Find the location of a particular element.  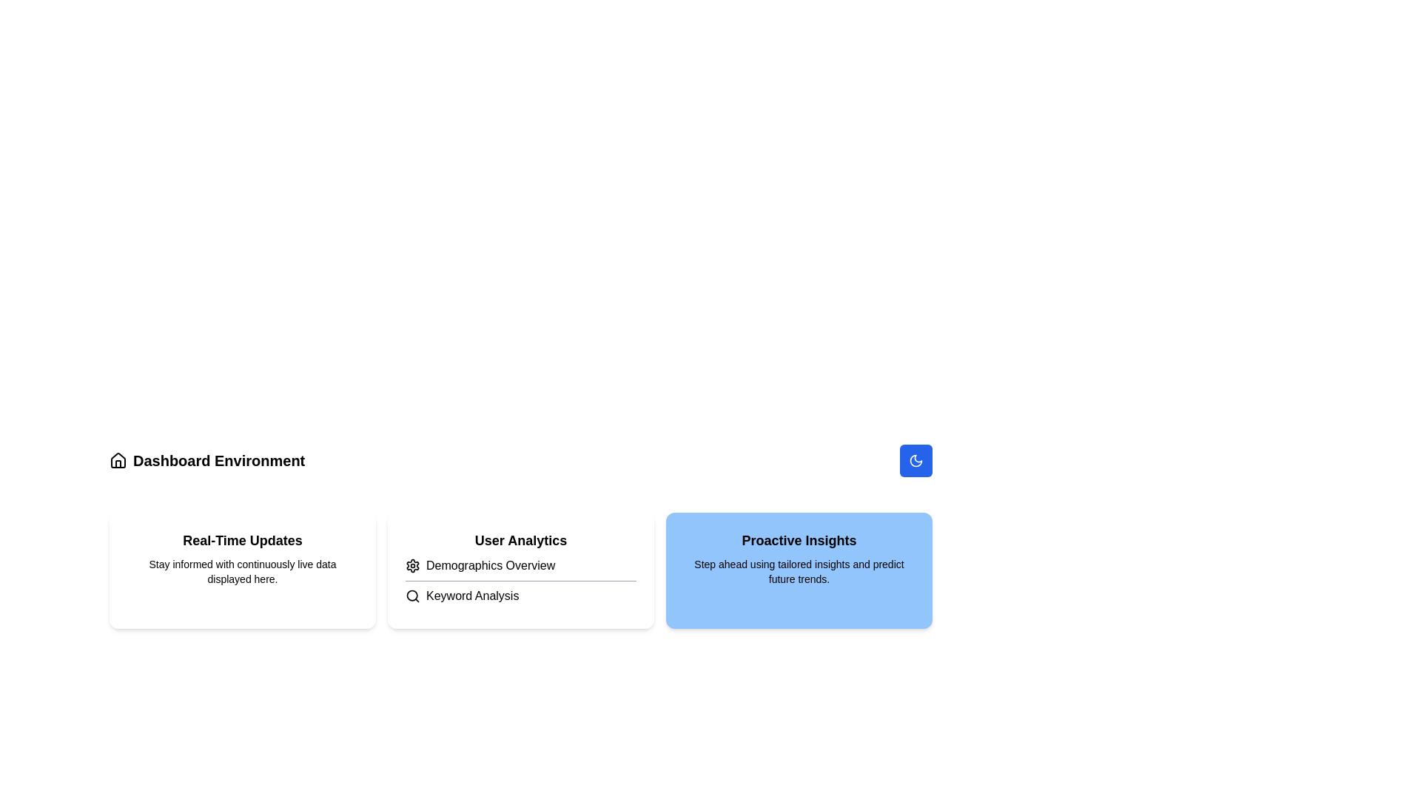

the label indicating keyword analysis located within the 'User Analytics' section, to the right of the magnifying glass icon is located at coordinates (471, 596).